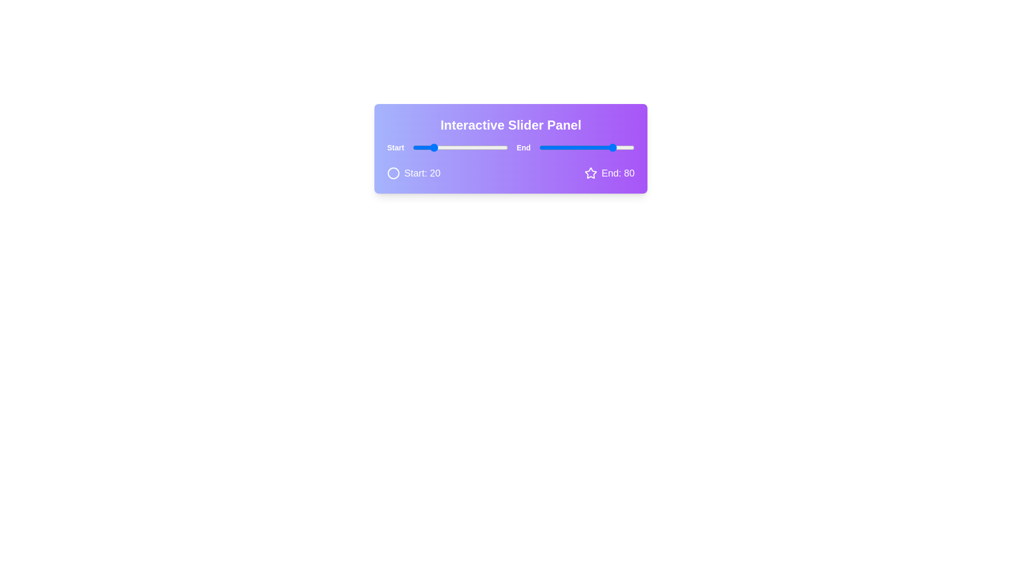  Describe the element at coordinates (618, 172) in the screenshot. I see `the text label displaying 'End: 80', which is positioned on the far right side of the interactive slider panel and styled in white text on a purple background` at that location.